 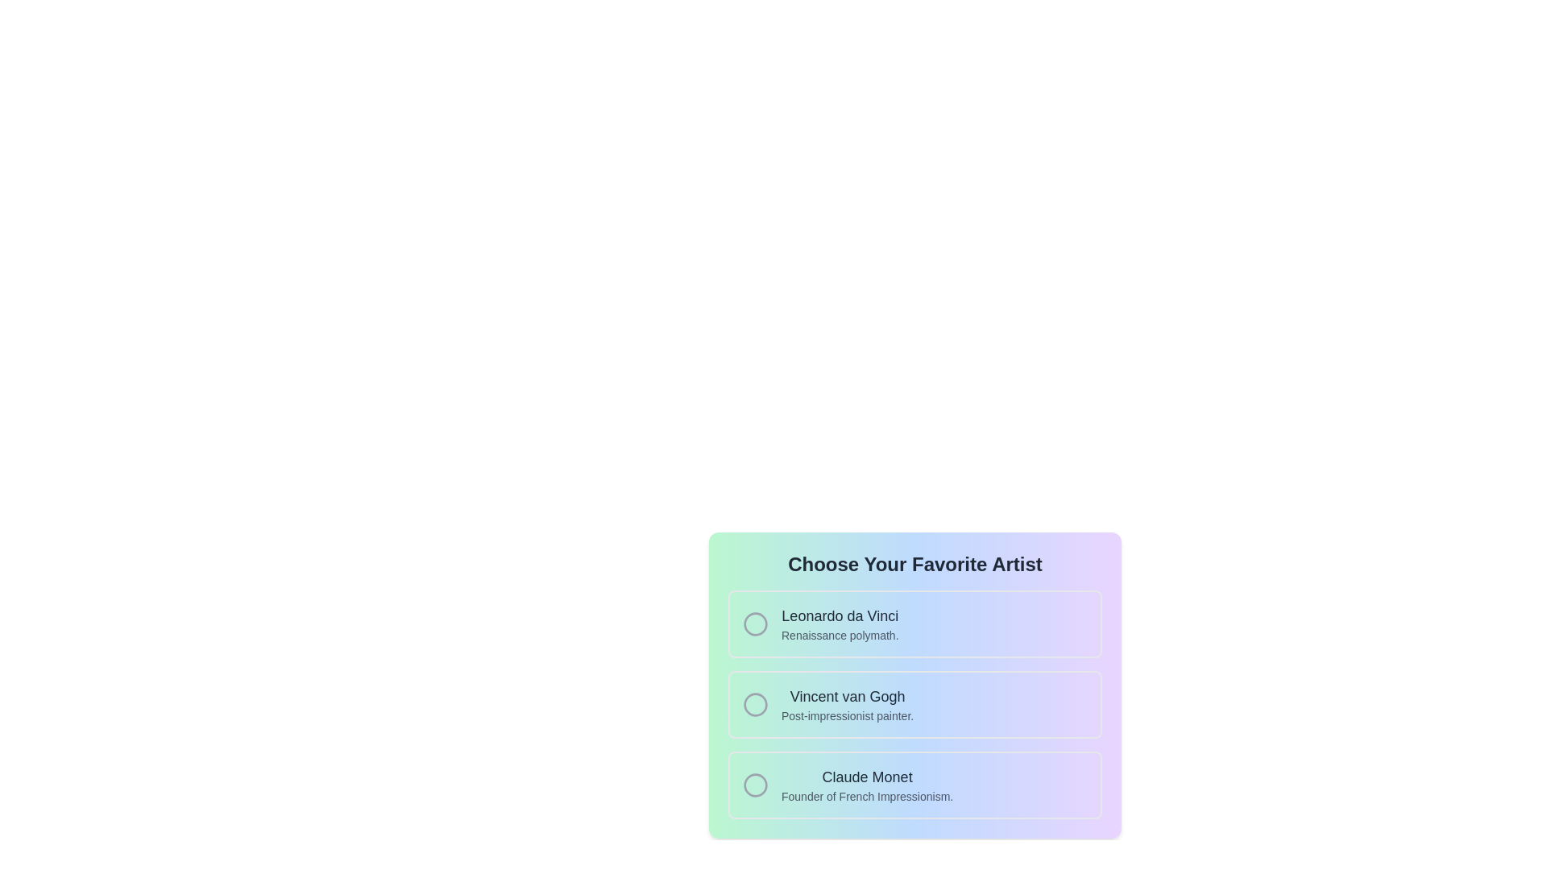 I want to click on the label displaying 'Renaissance polymath.' which is located directly below the title 'Leonardo da Vinci' in a vertical list of selectable items, so click(x=839, y=635).